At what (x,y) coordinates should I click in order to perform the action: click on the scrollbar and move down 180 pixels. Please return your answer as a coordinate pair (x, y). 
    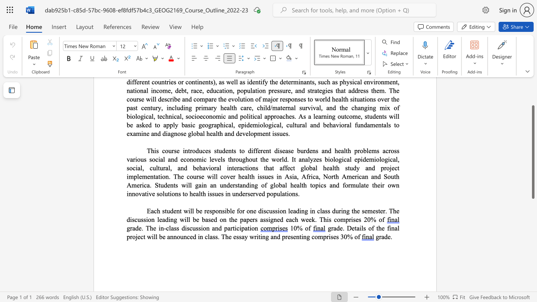
    Looking at the image, I should click on (532, 152).